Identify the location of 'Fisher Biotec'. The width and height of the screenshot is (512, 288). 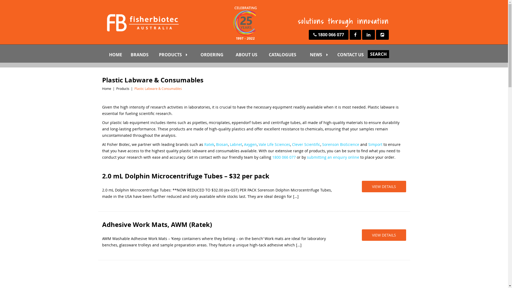
(142, 22).